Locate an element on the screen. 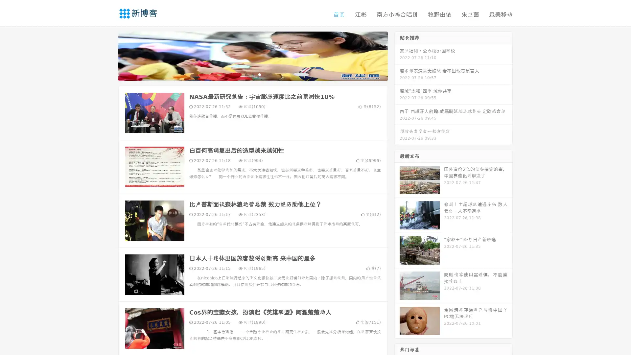 The width and height of the screenshot is (631, 355). Go to slide 1 is located at coordinates (246, 74).